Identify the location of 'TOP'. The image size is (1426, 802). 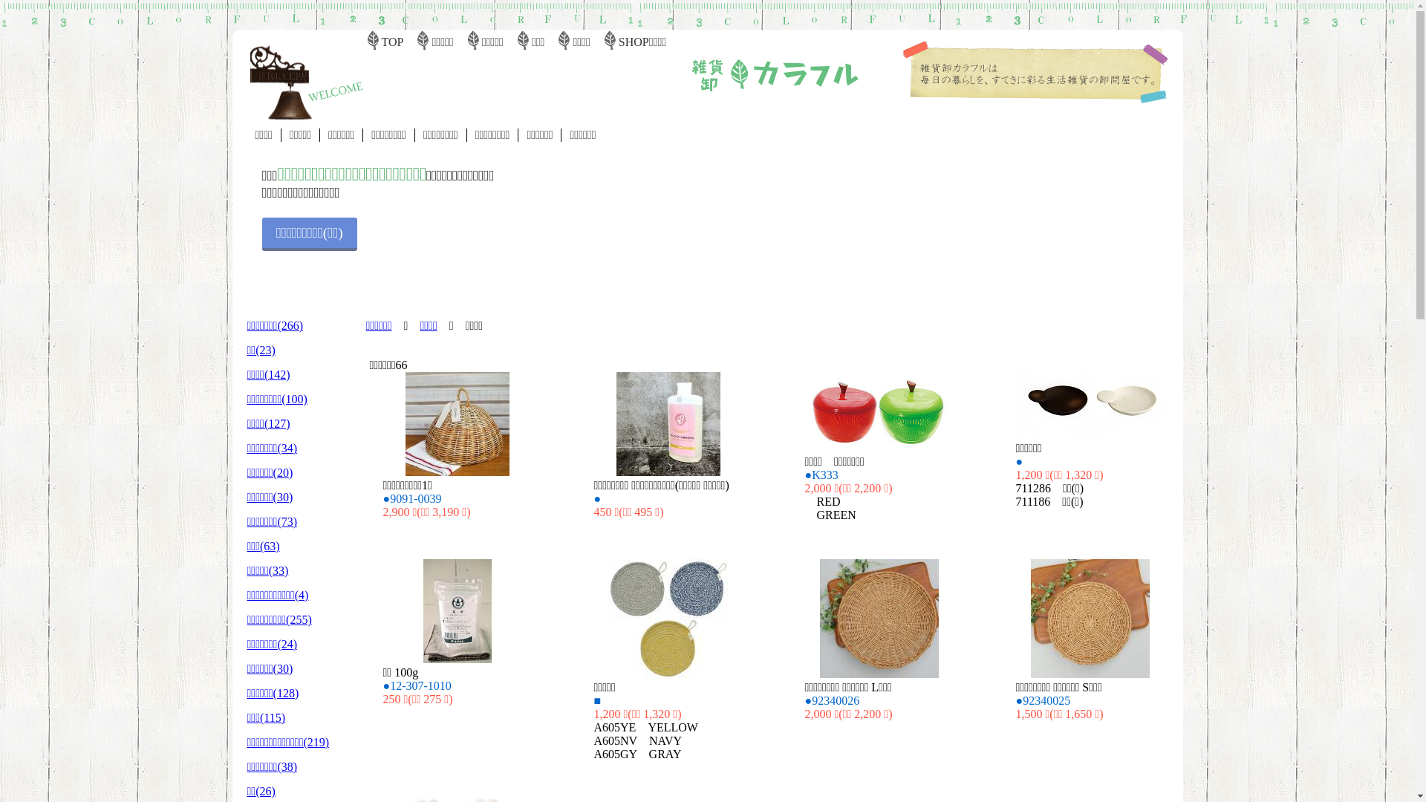
(392, 41).